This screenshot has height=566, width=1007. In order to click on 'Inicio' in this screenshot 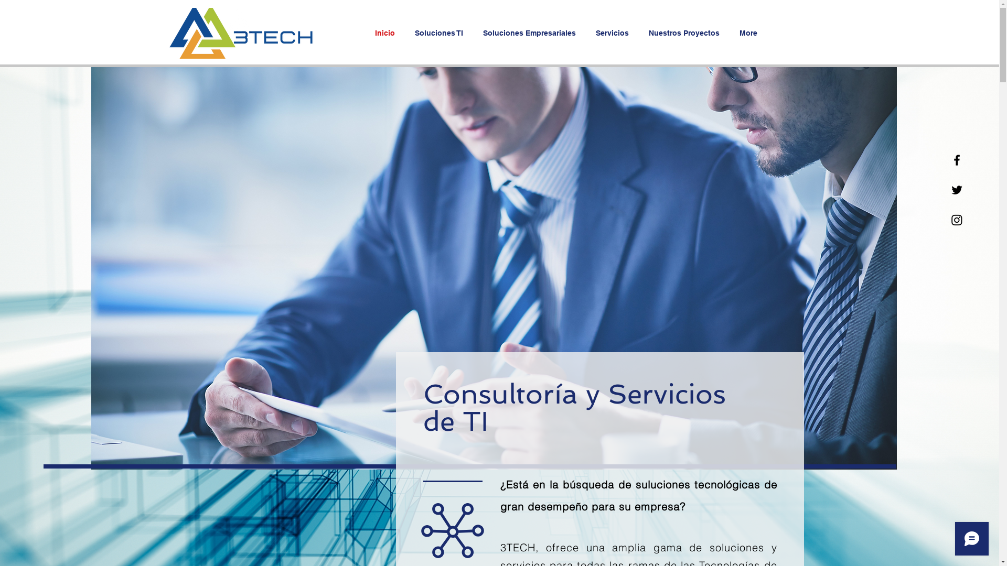, I will do `click(387, 32)`.